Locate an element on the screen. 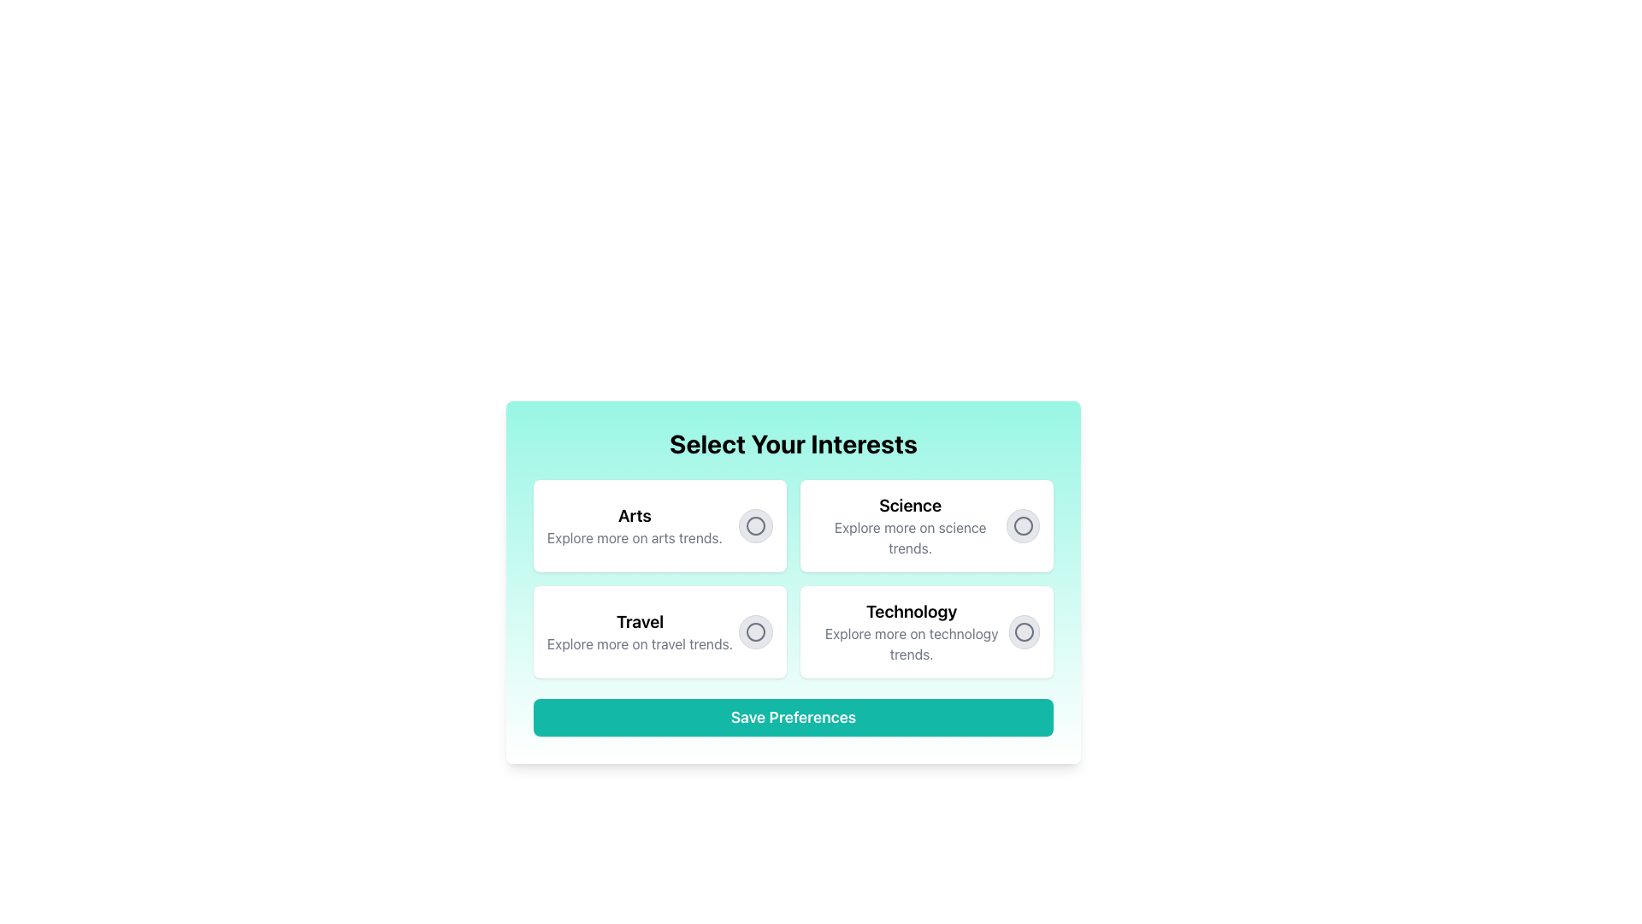 Image resolution: width=1642 pixels, height=924 pixels. the radio button circle is located at coordinates (1023, 524).